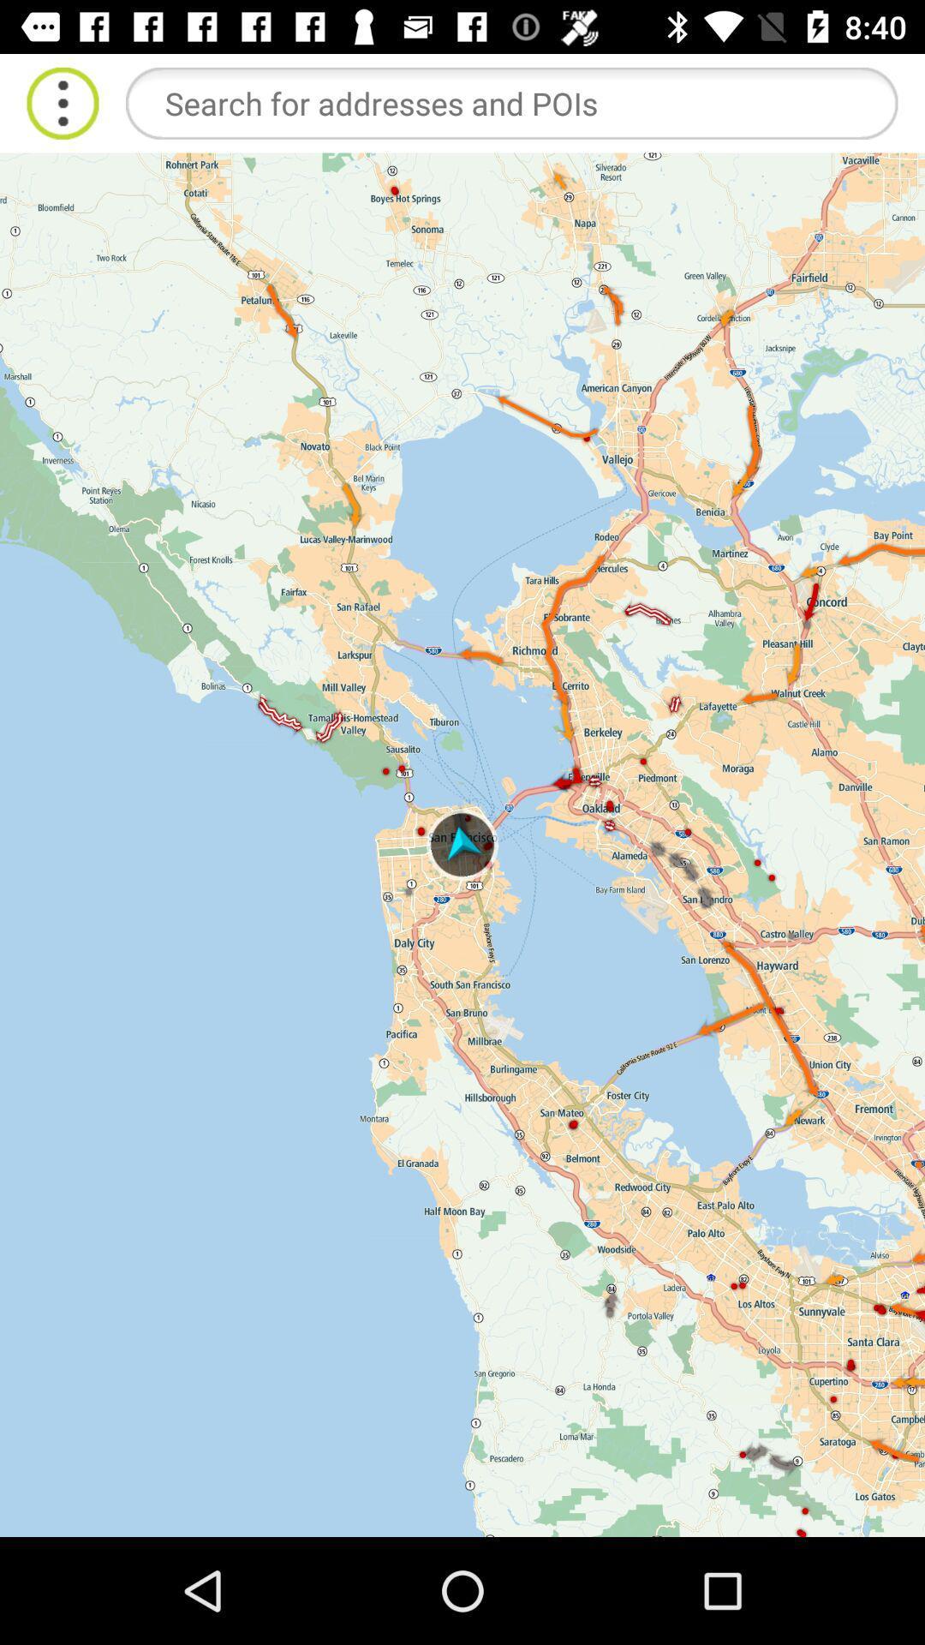 The image size is (925, 1645). Describe the element at coordinates (62, 102) in the screenshot. I see `go bak` at that location.